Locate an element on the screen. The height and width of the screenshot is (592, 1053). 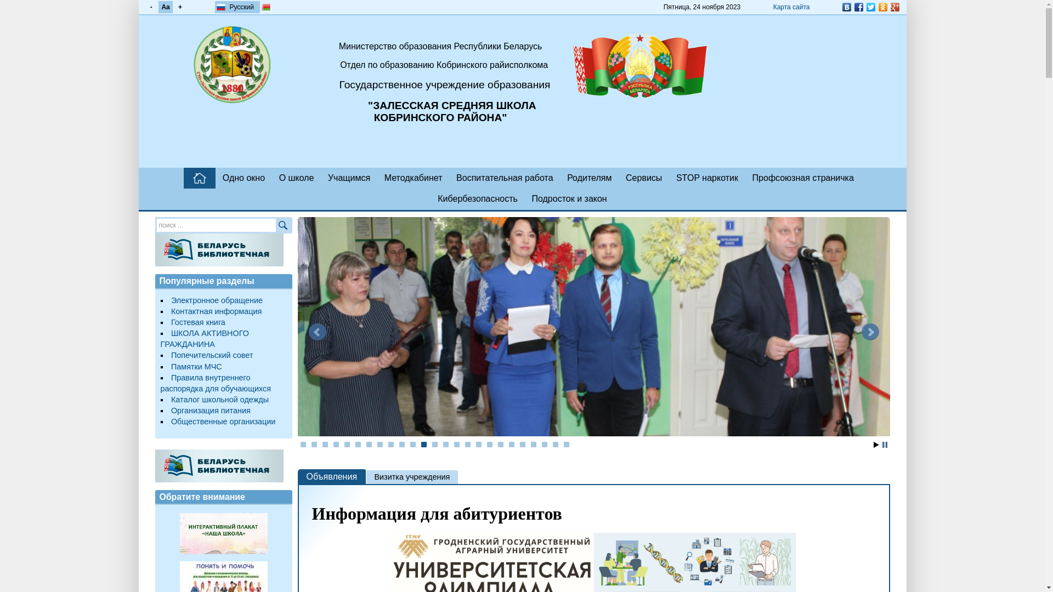
'11' is located at coordinates (412, 444).